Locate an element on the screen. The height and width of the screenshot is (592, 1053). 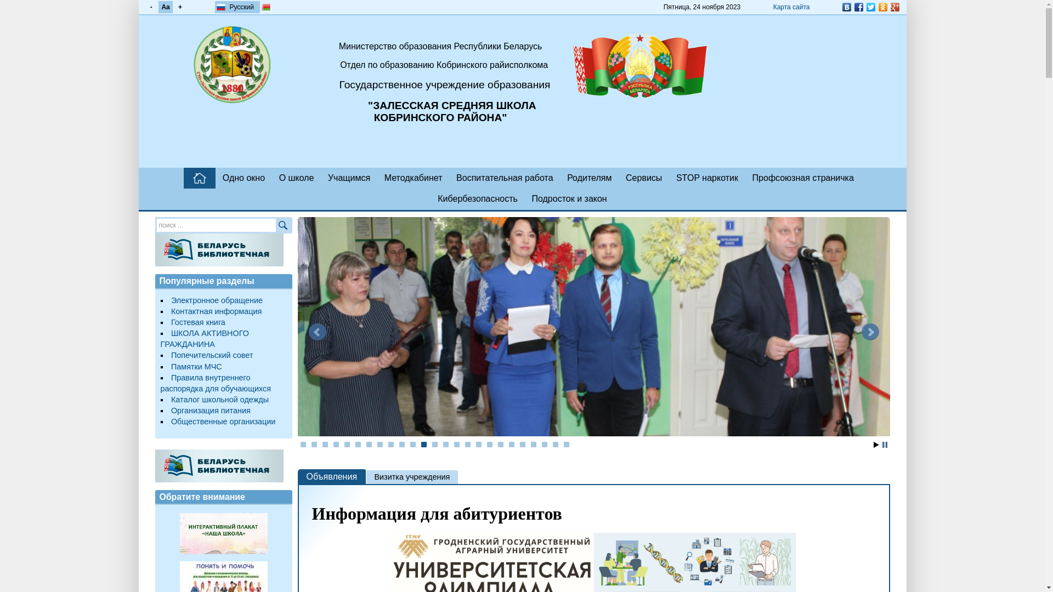
'11' is located at coordinates (412, 444).